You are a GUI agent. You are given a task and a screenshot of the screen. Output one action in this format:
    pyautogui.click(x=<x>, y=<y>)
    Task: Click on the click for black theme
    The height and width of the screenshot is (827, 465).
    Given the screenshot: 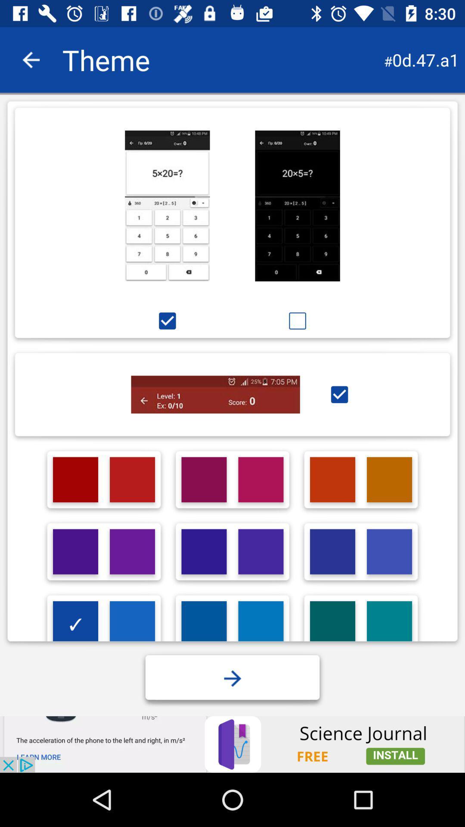 What is the action you would take?
    pyautogui.click(x=297, y=205)
    